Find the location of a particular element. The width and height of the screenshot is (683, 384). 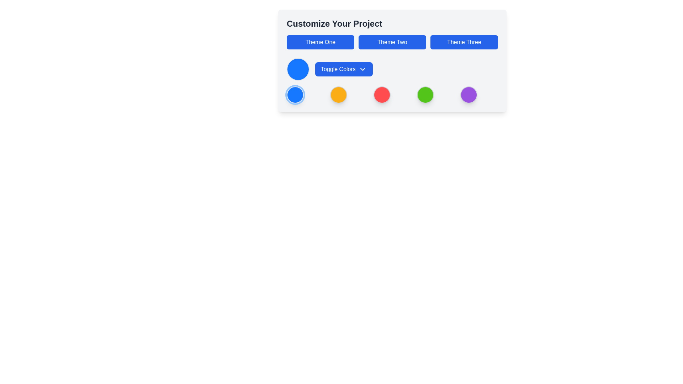

the second button is located at coordinates (338, 94).